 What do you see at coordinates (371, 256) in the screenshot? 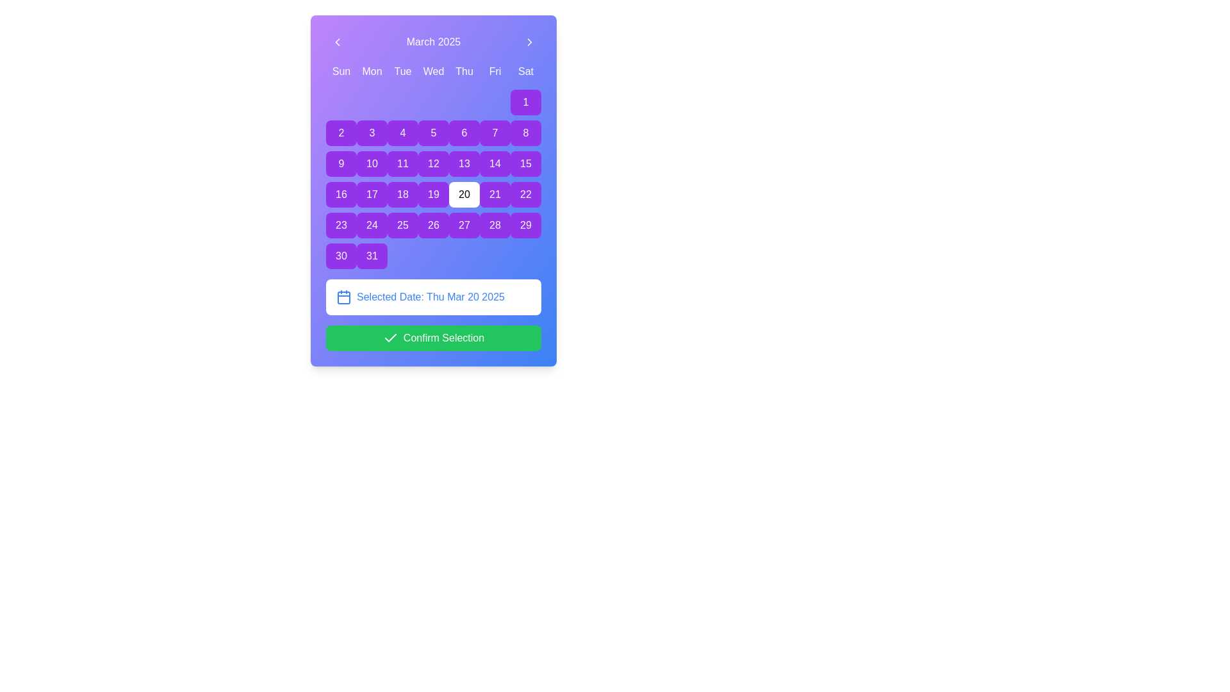
I see `the rounded rectangular button with a purple background and white text displaying '31'` at bounding box center [371, 256].